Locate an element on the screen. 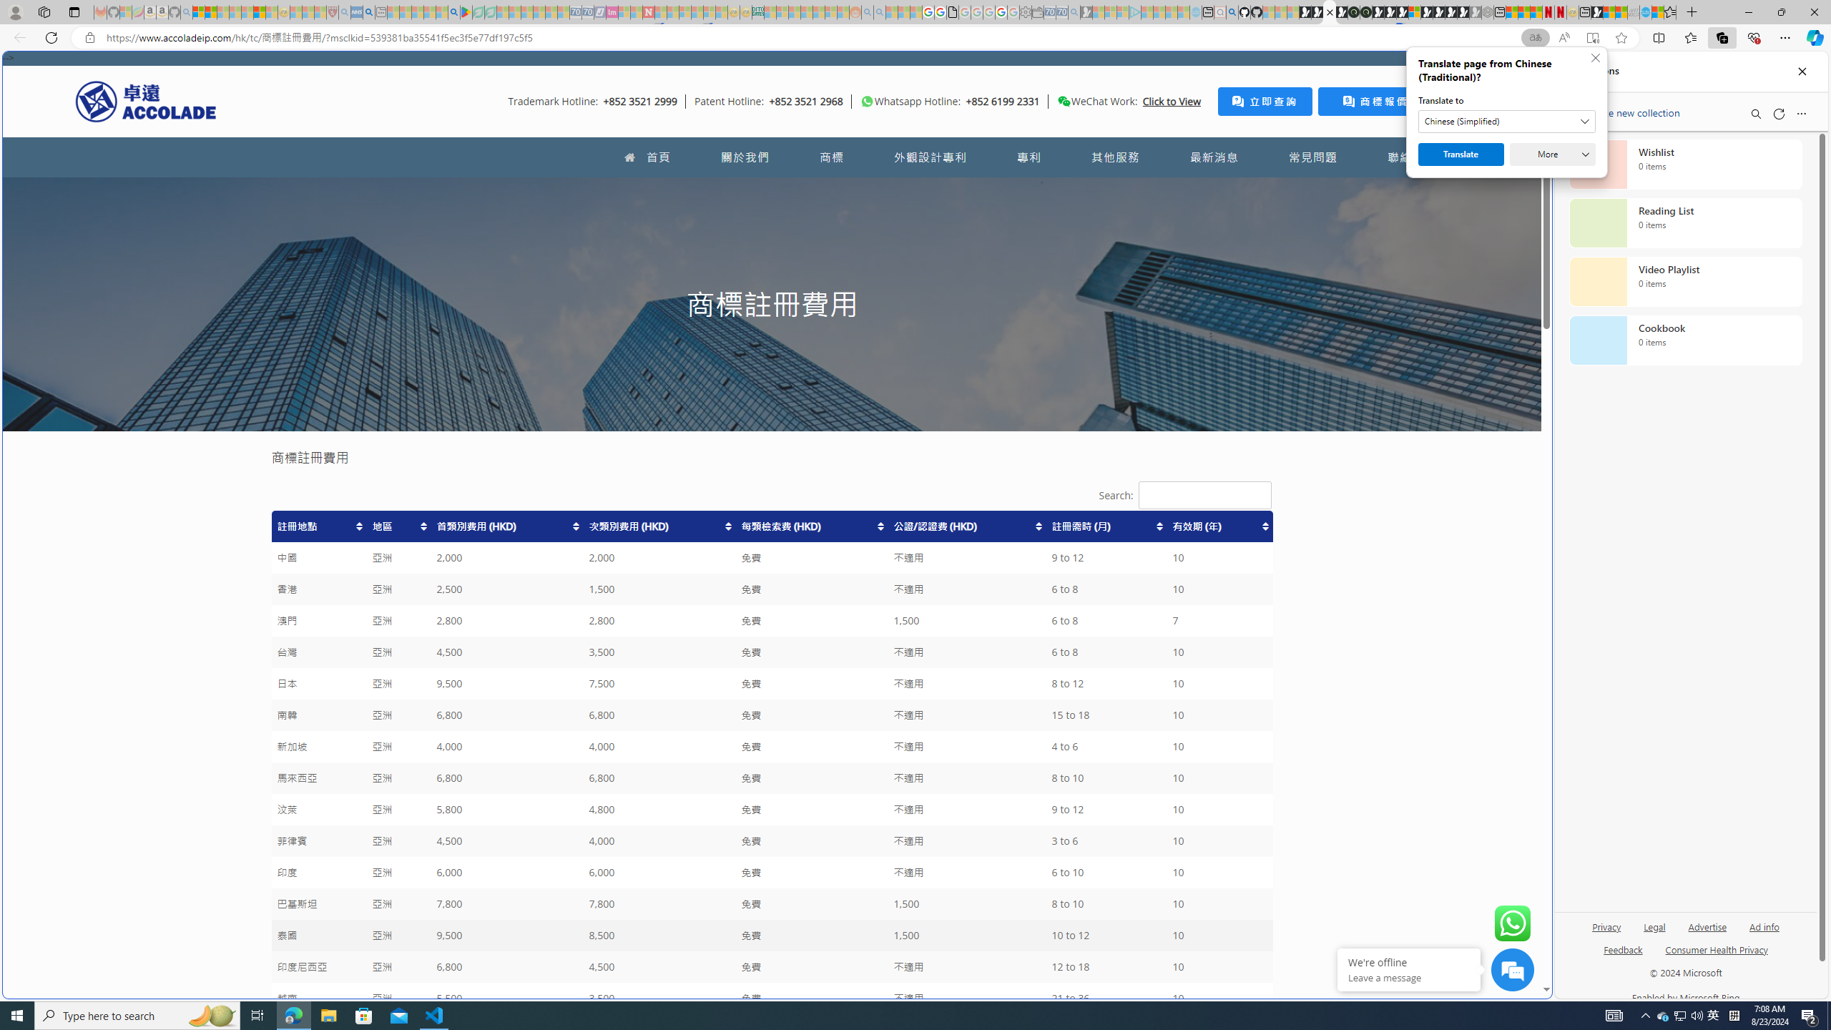  'Latest Politics News & Archive | Newsweek.com - Sleeping' is located at coordinates (648, 11).